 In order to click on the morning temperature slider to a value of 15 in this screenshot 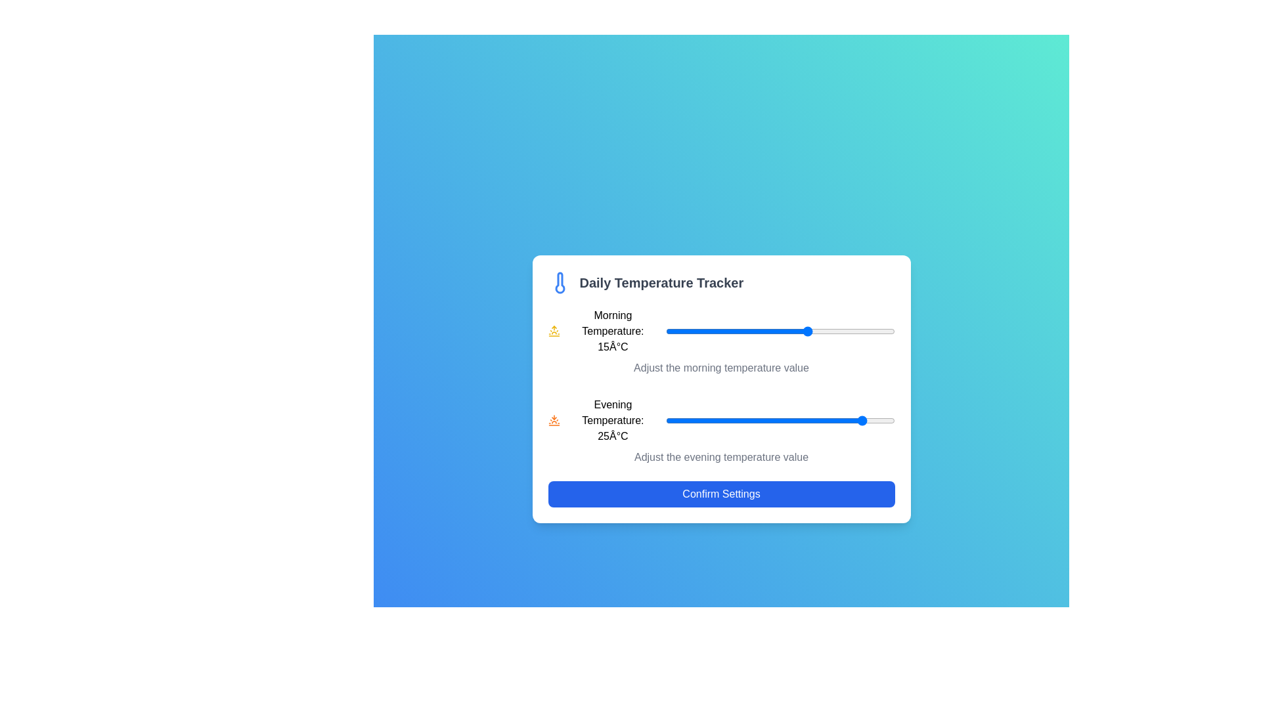, I will do `click(808, 331)`.